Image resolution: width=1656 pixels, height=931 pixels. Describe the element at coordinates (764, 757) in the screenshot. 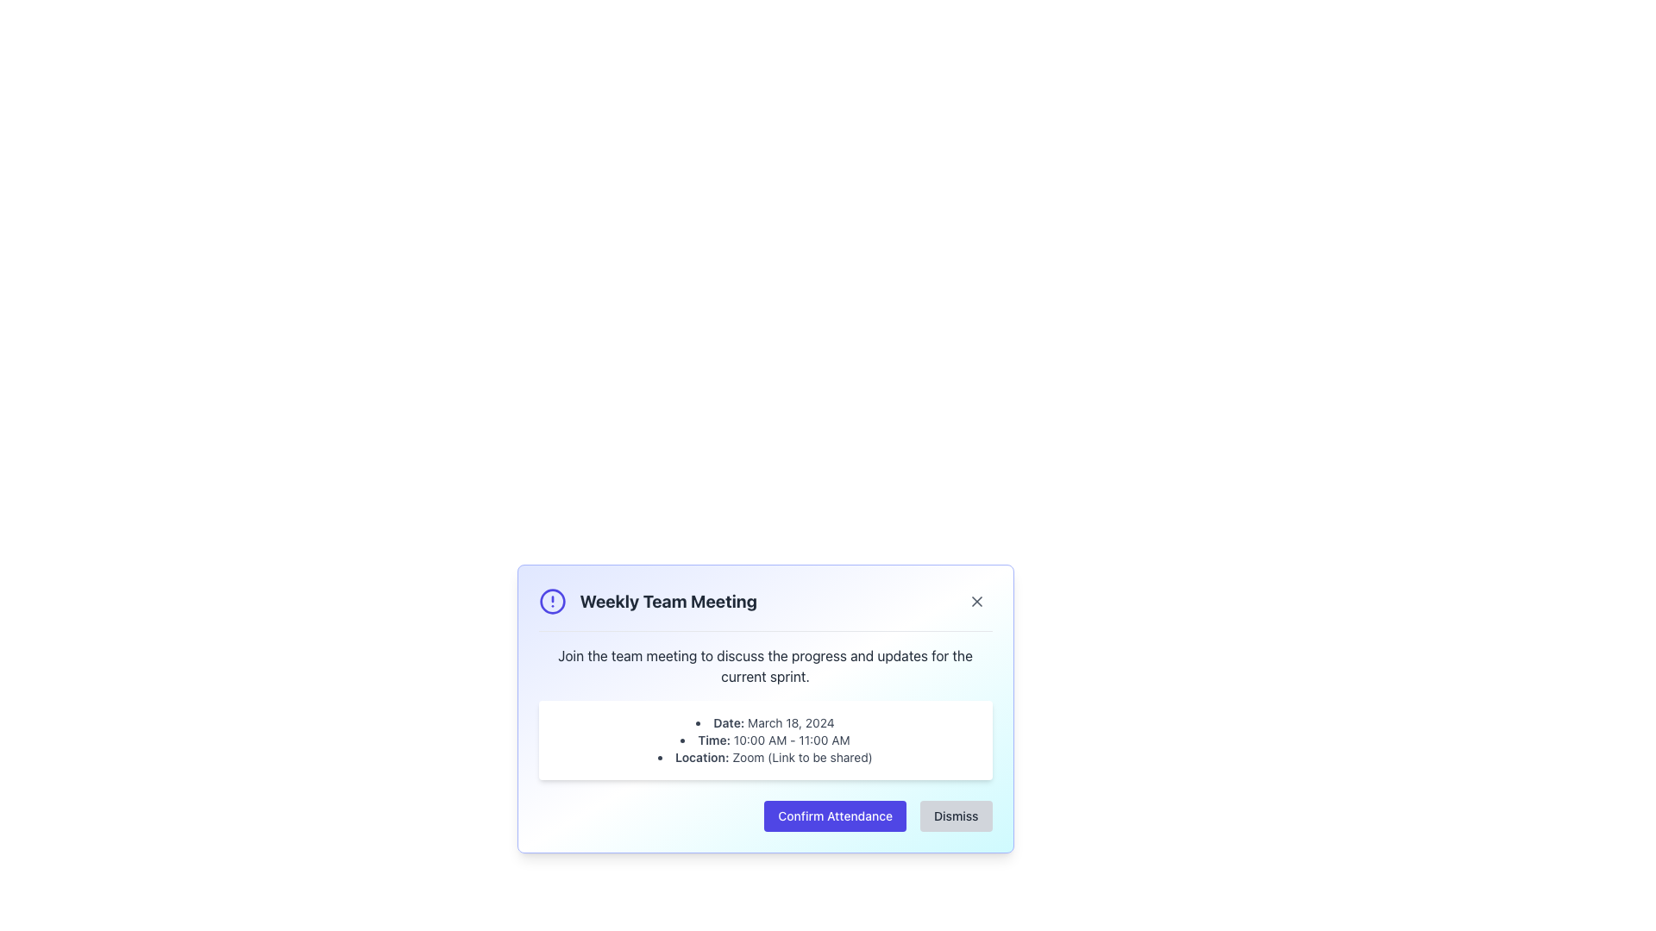

I see `information from the text element that reads 'Location: Zoom (Link to be shared)', which is the third line of a bulleted list under the section header 'Weekly Team Meeting'` at that location.